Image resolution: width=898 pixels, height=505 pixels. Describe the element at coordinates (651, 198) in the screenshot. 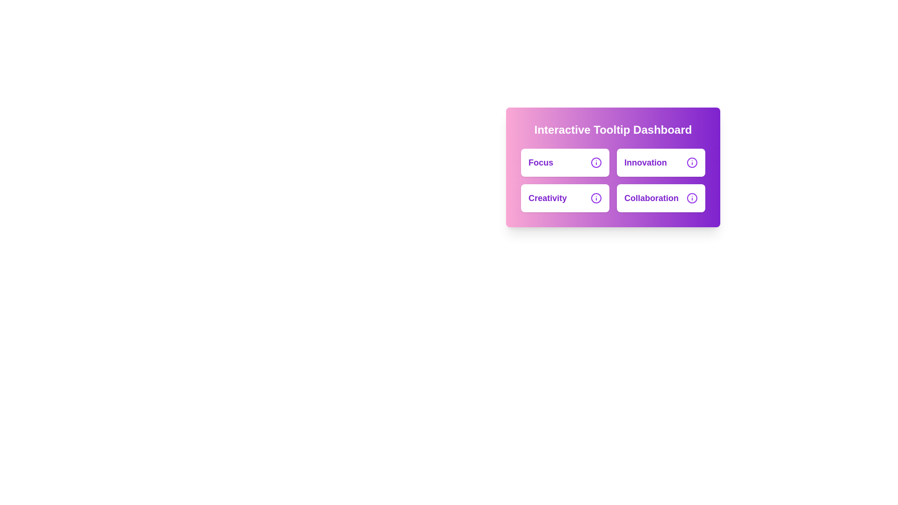

I see `the non-interactive text label that describes the context of the 'Interactive Tooltip Dashboard' section, located in the bottom-right quadrant and aligned with the 'Creativity' label` at that location.